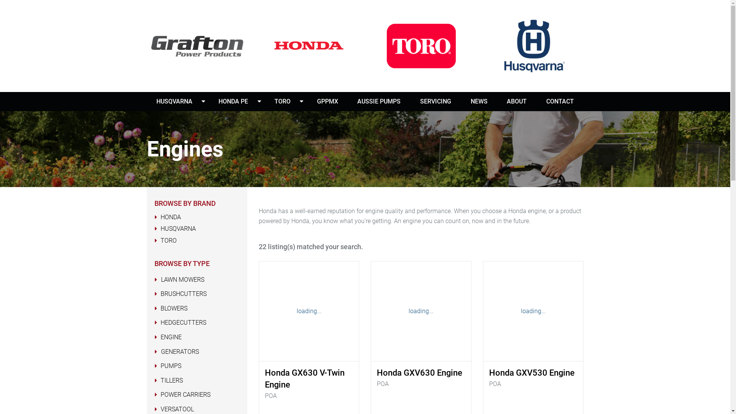 The height and width of the screenshot is (414, 736). What do you see at coordinates (159, 308) in the screenshot?
I see `'BLOWERS'` at bounding box center [159, 308].